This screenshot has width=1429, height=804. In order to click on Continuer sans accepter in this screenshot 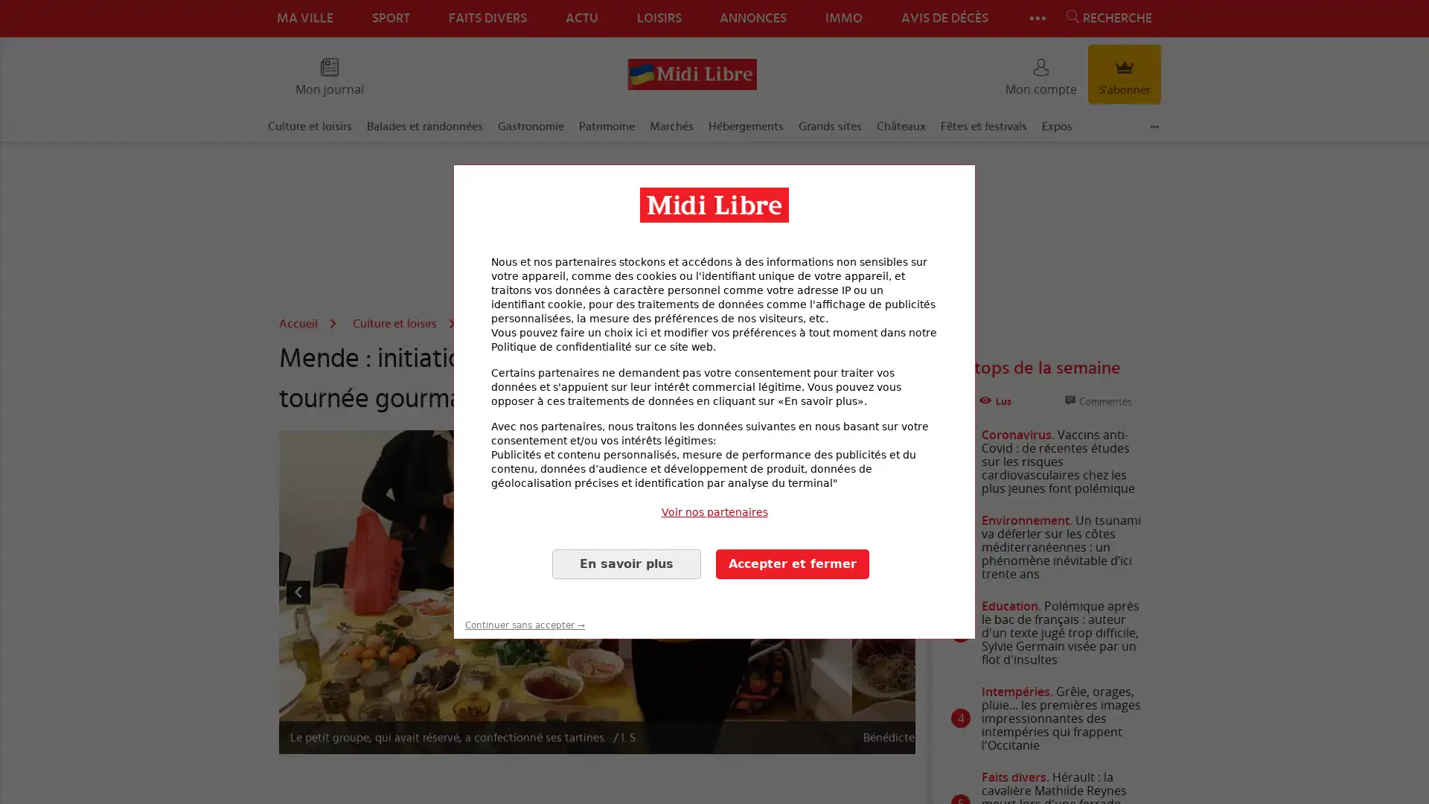, I will do `click(525, 606)`.